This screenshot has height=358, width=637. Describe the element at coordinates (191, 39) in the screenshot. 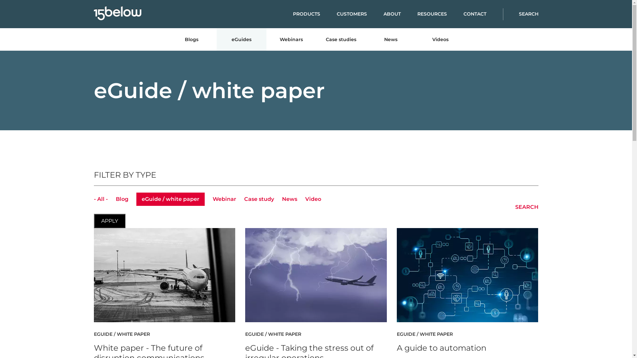

I see `'Blogs'` at that location.